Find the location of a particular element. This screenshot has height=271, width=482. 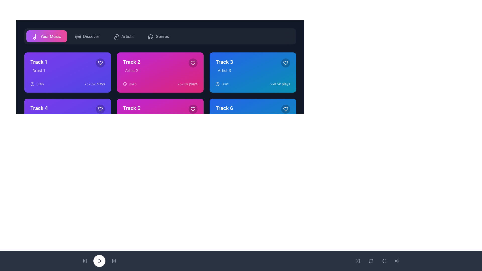

the circular button with a white background and a black 'play' icon located at the bottom center of the interface to change its background to light gray is located at coordinates (99, 261).